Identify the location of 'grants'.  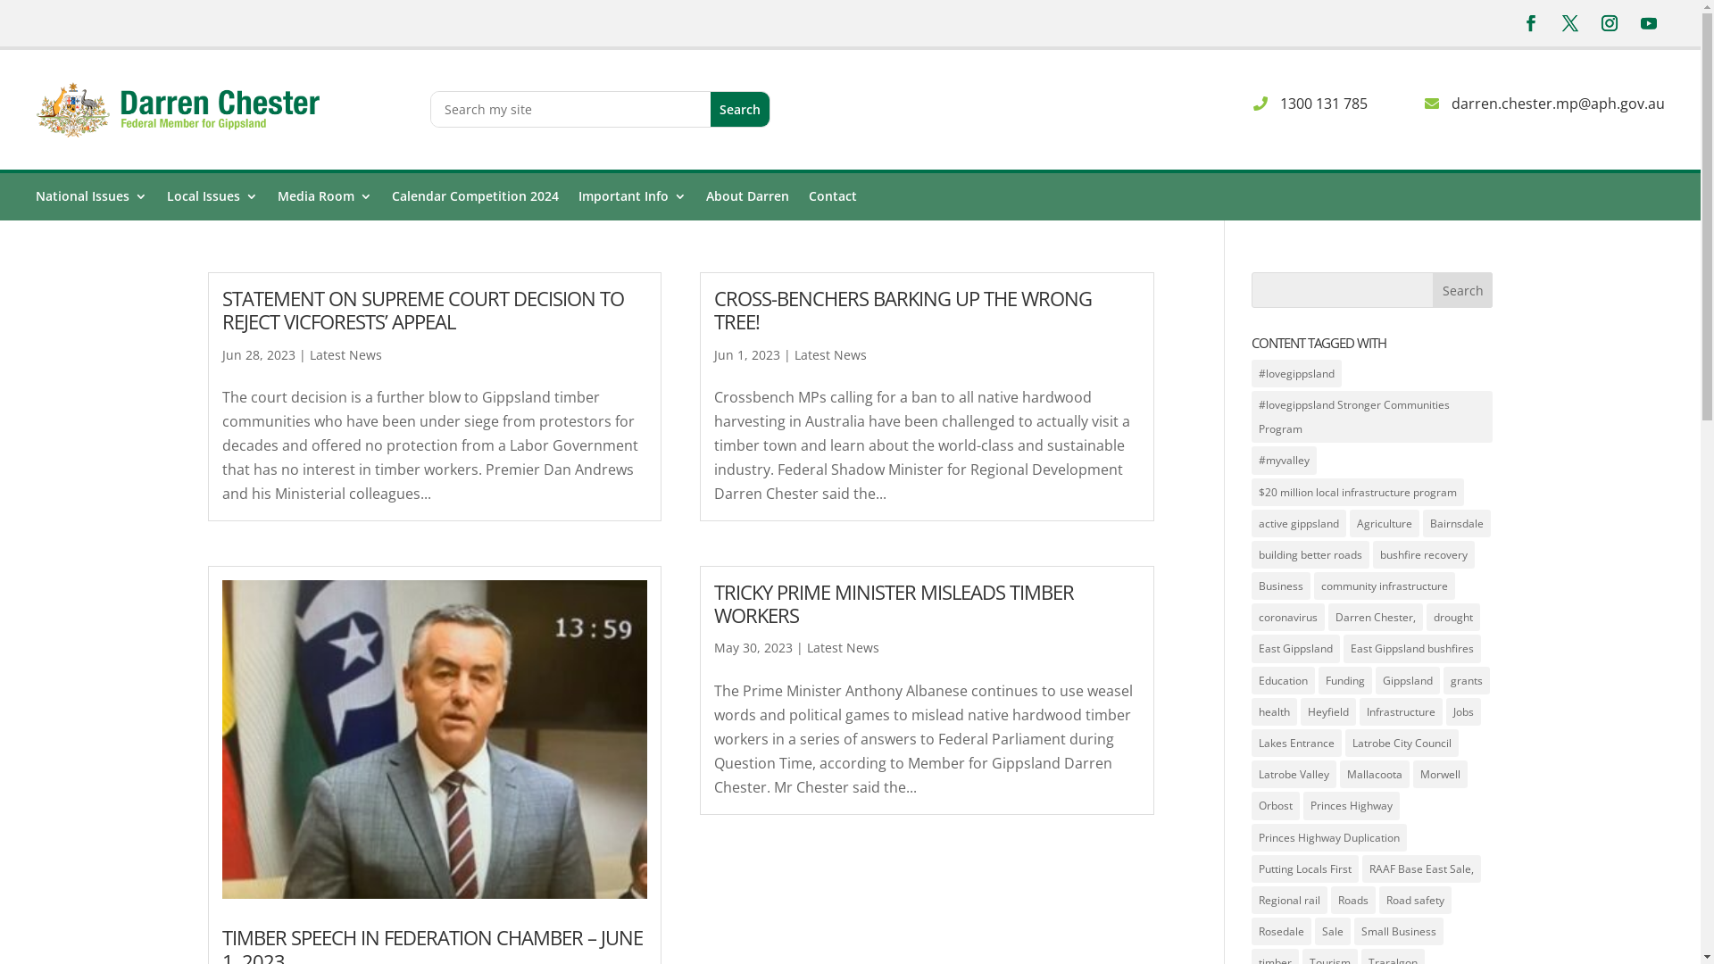
(1466, 680).